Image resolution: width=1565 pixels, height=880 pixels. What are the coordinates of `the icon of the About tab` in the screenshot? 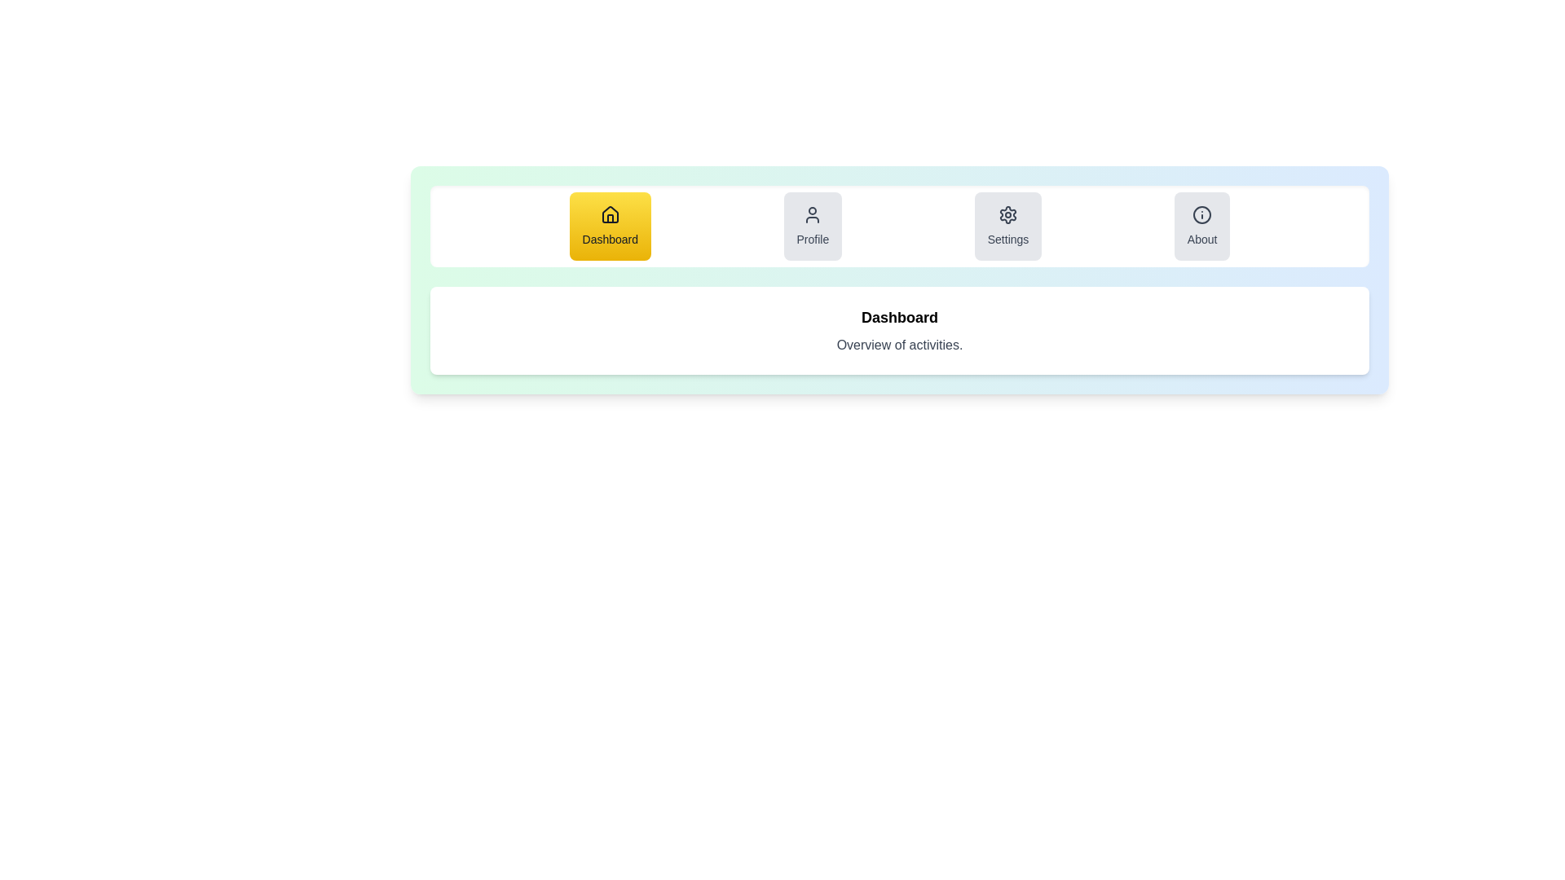 It's located at (1202, 213).